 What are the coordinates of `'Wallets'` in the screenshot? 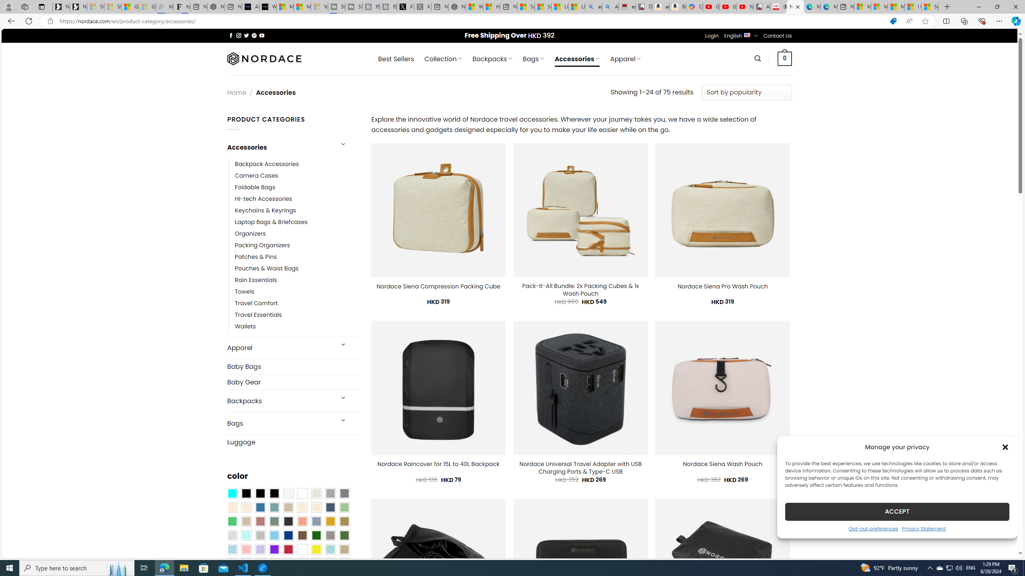 It's located at (297, 326).